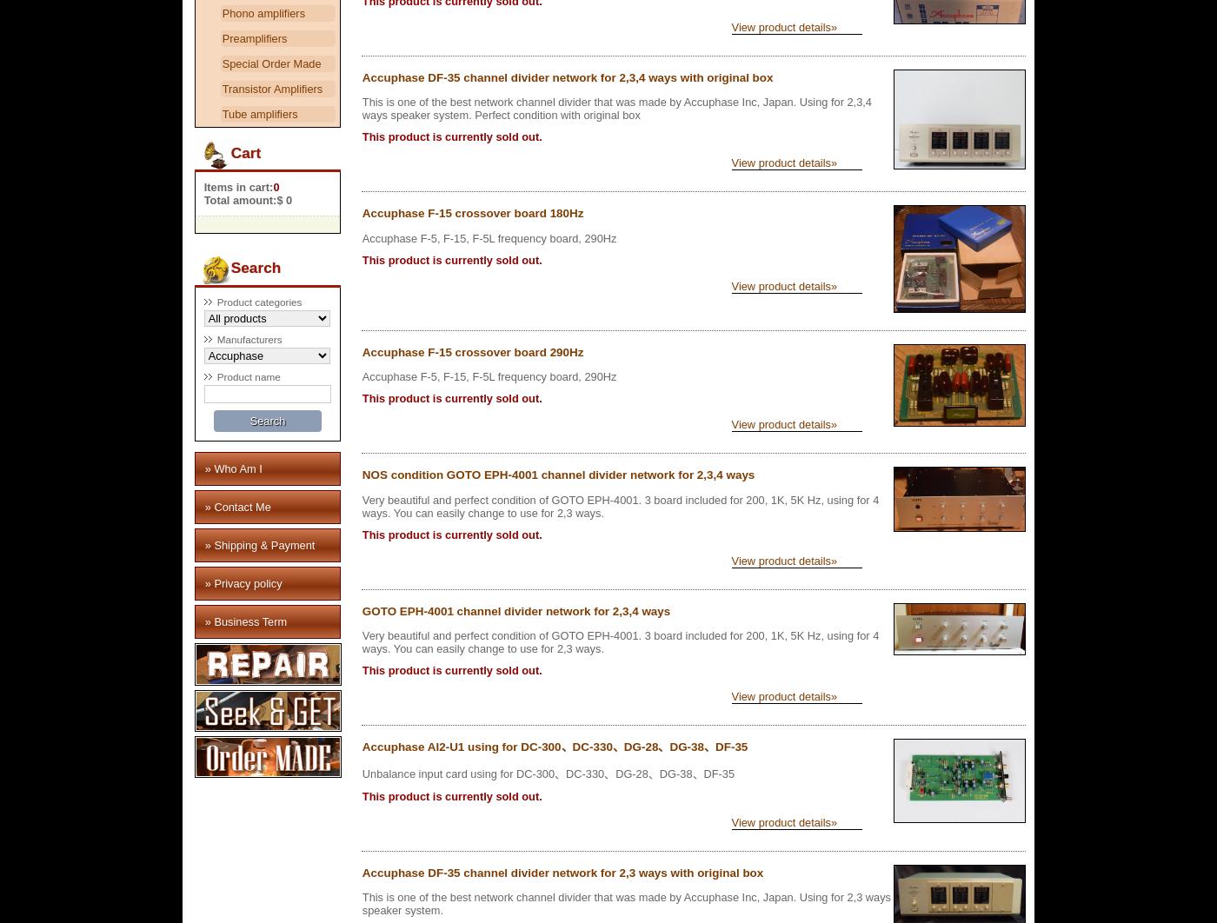 This screenshot has height=923, width=1217. I want to click on '» Who Am I', so click(232, 468).